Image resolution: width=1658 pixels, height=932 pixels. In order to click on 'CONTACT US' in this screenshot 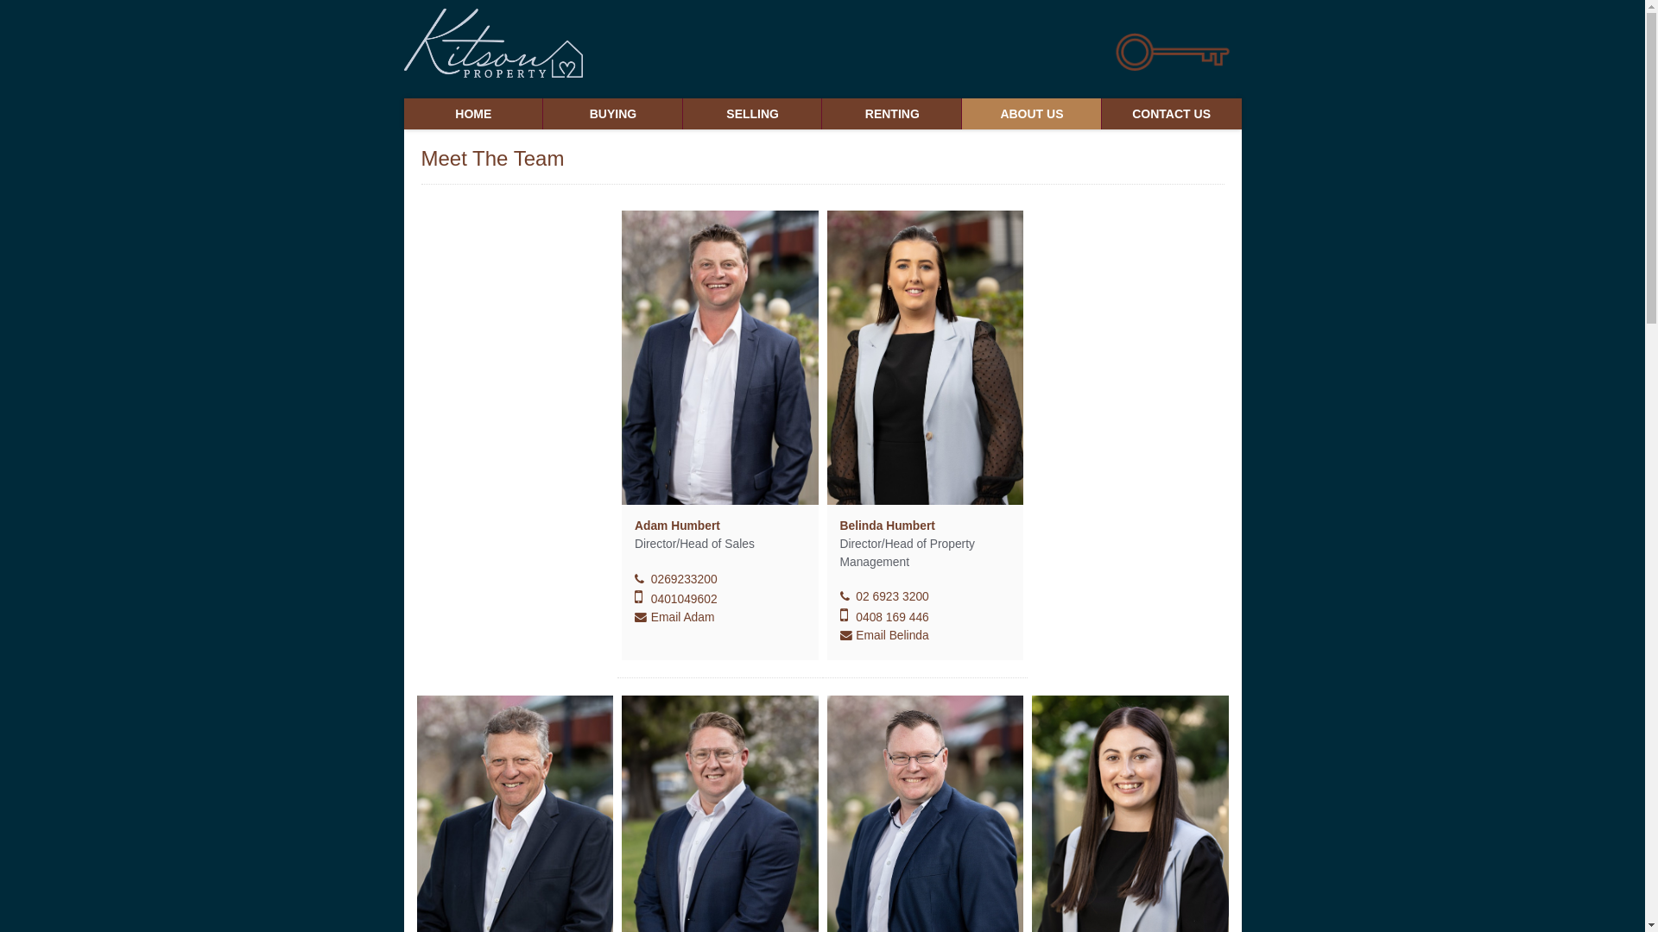, I will do `click(1172, 113)`.